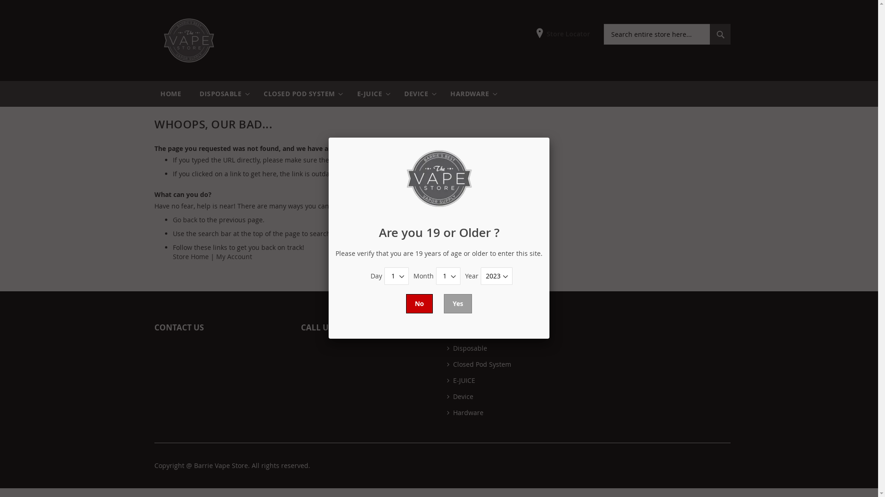 The image size is (885, 497). Describe the element at coordinates (151, 94) in the screenshot. I see `'HOME'` at that location.